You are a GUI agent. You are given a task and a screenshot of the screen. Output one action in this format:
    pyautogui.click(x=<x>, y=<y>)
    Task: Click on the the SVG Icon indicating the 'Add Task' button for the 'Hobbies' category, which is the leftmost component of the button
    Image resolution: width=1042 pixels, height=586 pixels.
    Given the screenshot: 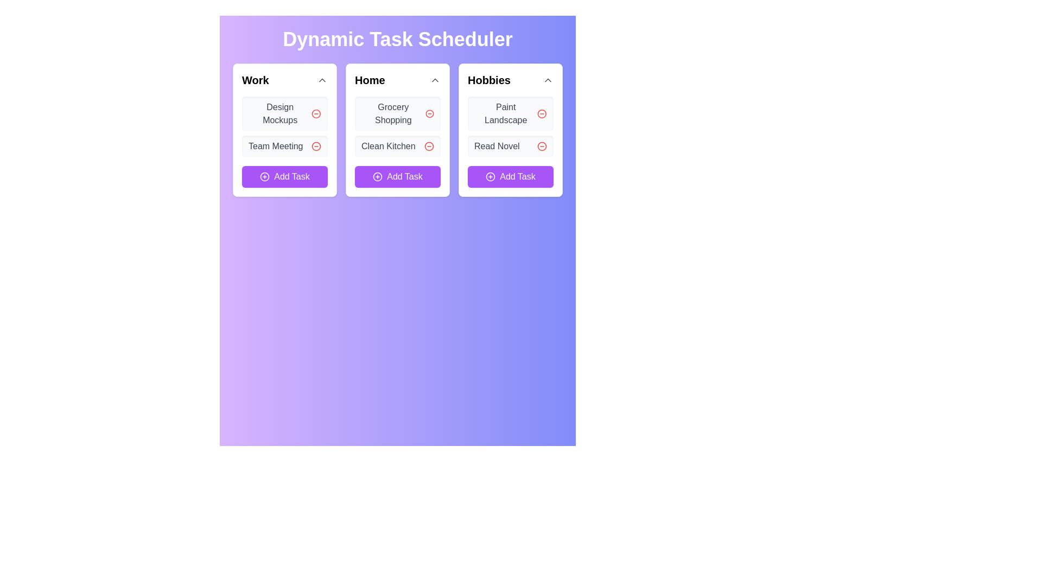 What is the action you would take?
    pyautogui.click(x=490, y=176)
    